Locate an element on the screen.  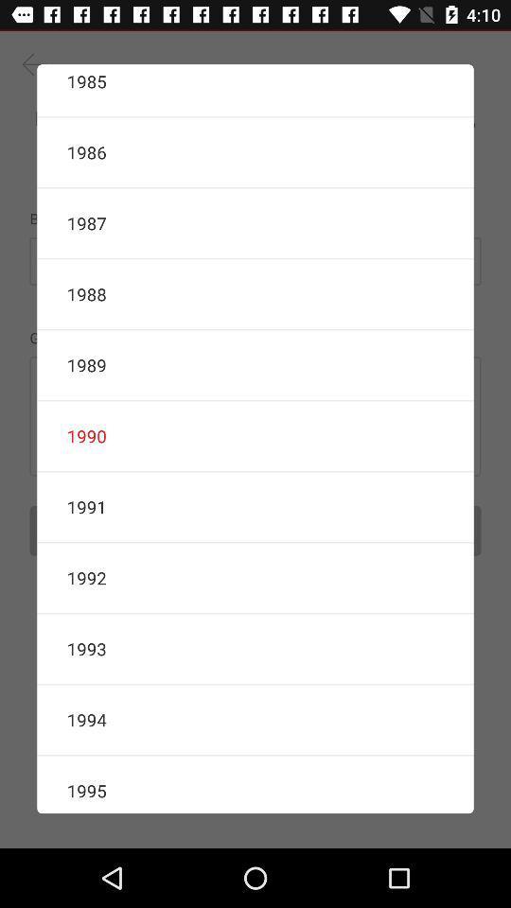
item above the 1990 is located at coordinates (255, 364).